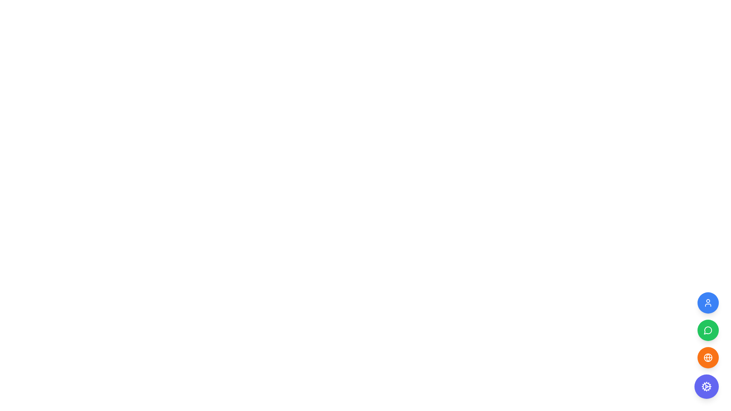 The height and width of the screenshot is (411, 731). What do you see at coordinates (708, 358) in the screenshot?
I see `the small circular orange button with a white globe icon located in the vertical toolbar on the far right side of the interface` at bounding box center [708, 358].